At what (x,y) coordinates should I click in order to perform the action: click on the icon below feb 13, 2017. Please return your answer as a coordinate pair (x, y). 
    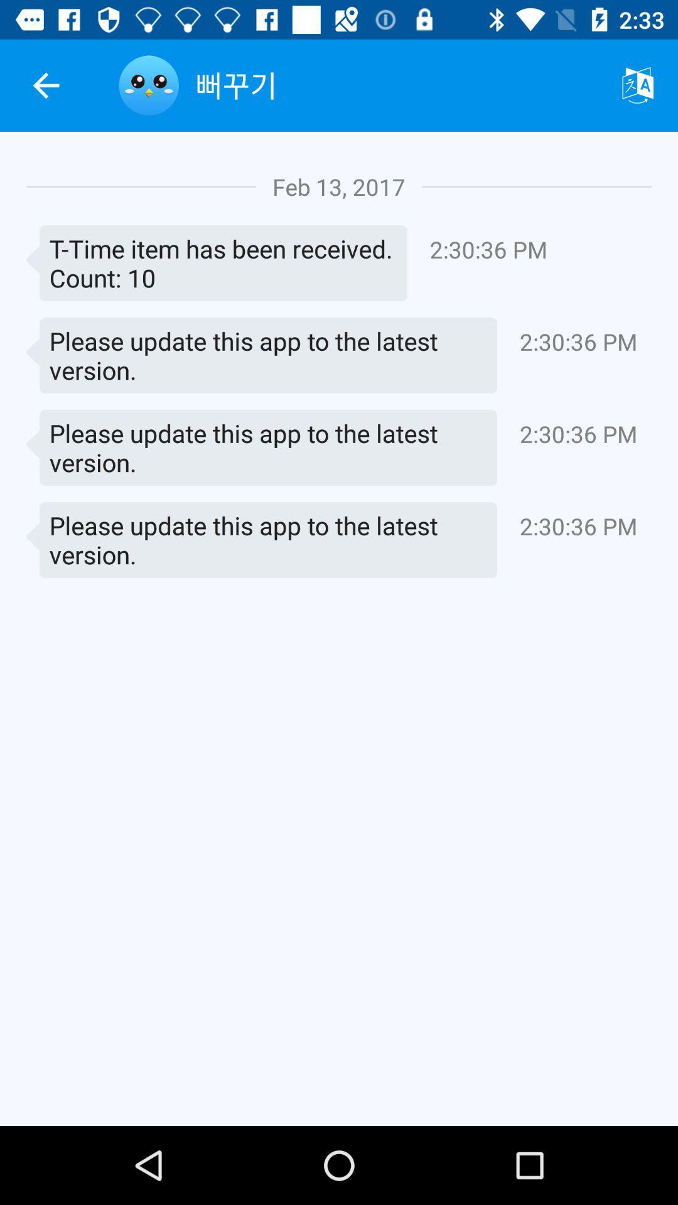
    Looking at the image, I should click on (216, 262).